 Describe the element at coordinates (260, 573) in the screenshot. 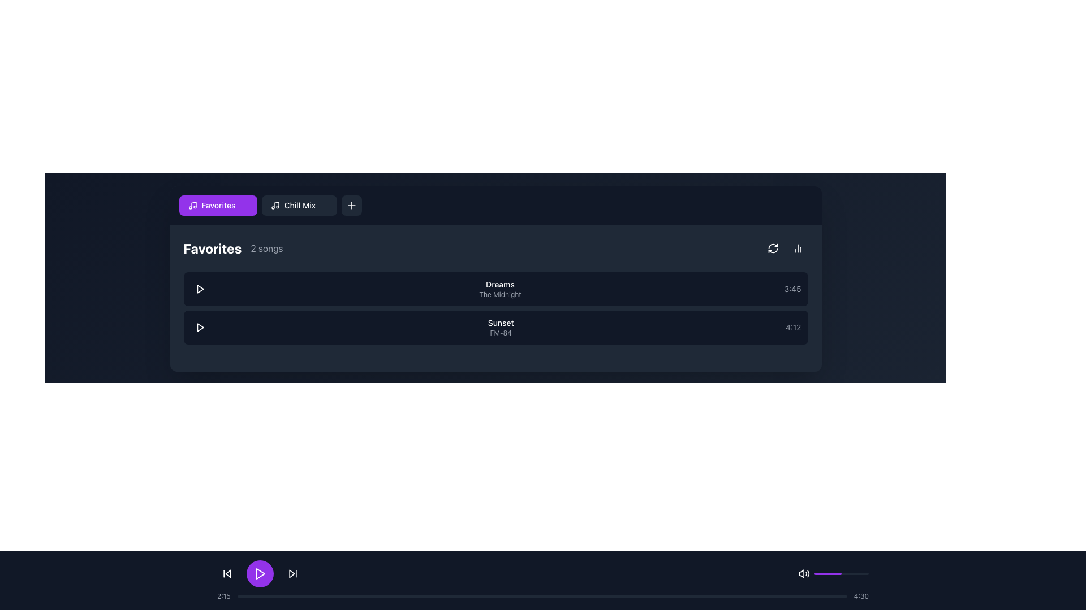

I see `the media playback button located at the center of the bottom control bar` at that location.